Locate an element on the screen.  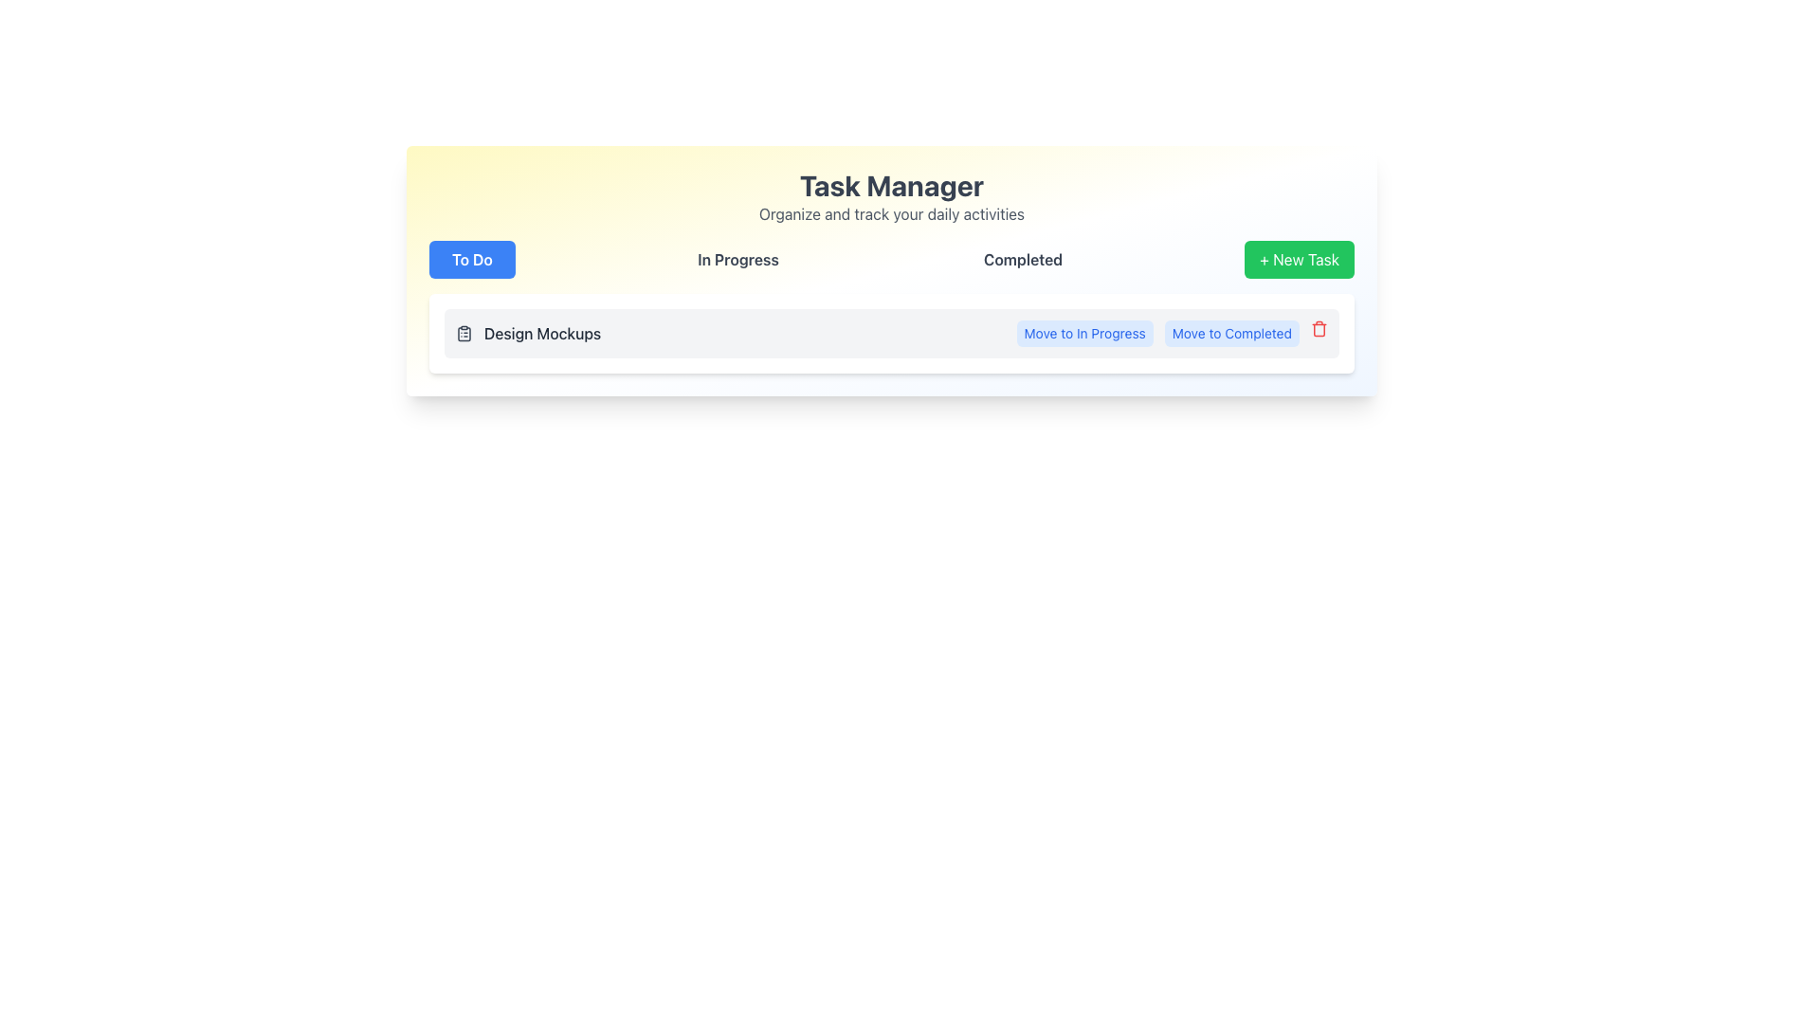
the Icon button for the deletion action of the 'Design Mockups' task, located at the far right of the horizontal layout with two other buttons to its left is located at coordinates (1319, 328).